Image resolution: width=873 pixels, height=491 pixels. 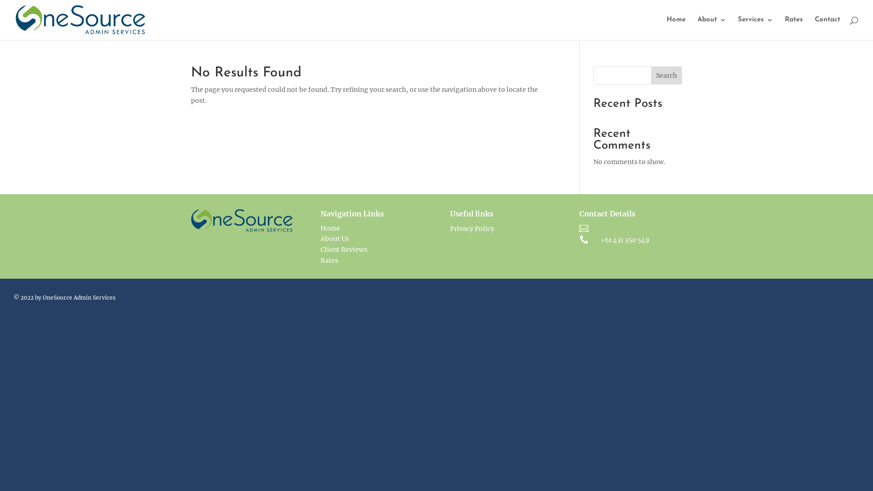 I want to click on 'Rates', so click(x=329, y=261).